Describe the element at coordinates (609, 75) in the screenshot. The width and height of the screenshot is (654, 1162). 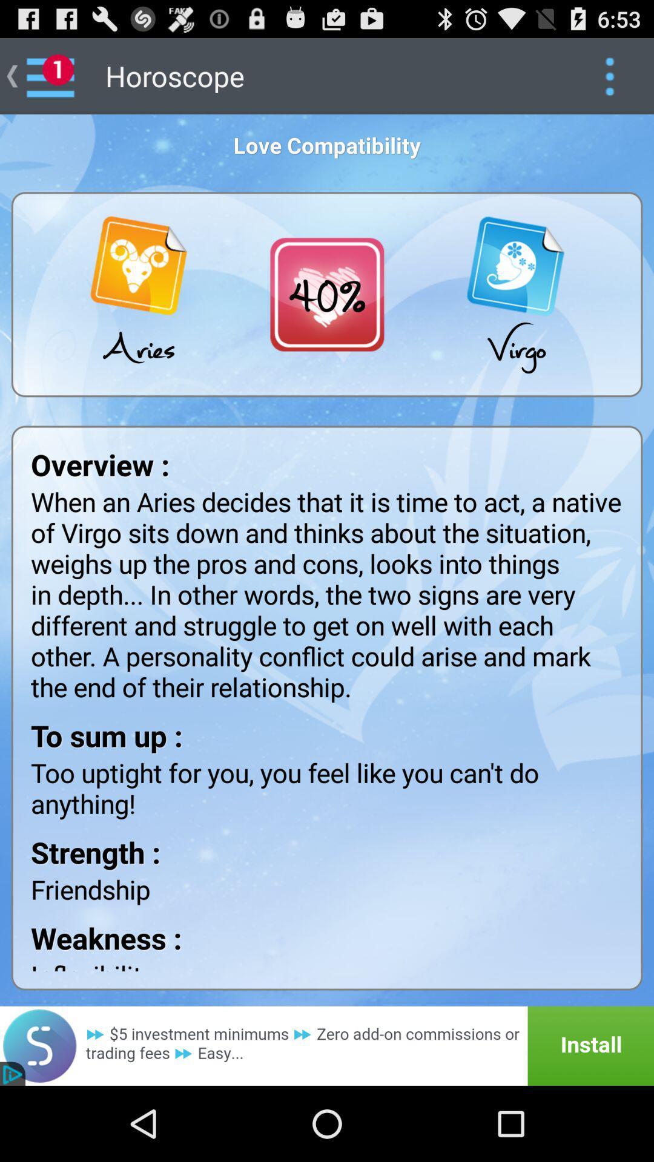
I see `item to the right of the horoscope app` at that location.